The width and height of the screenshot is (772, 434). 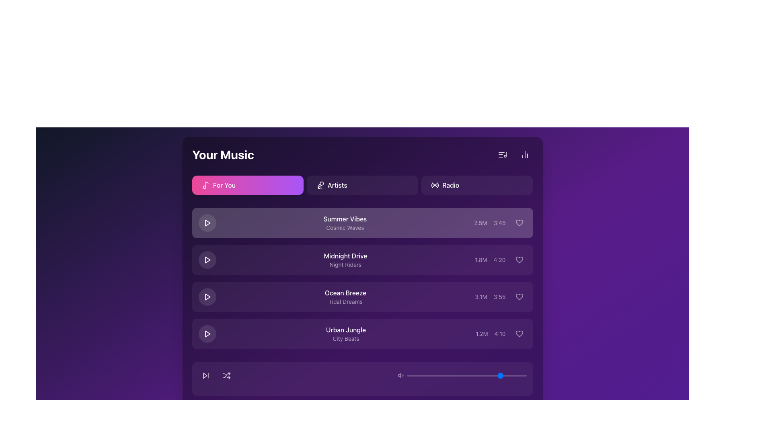 What do you see at coordinates (501, 334) in the screenshot?
I see `displayed statistics '1.2M' and duration '4:10' adjacent to each other in the right section of the fourth row, aligned with the 'Urban Jungle' track and near the heart icon button` at bounding box center [501, 334].